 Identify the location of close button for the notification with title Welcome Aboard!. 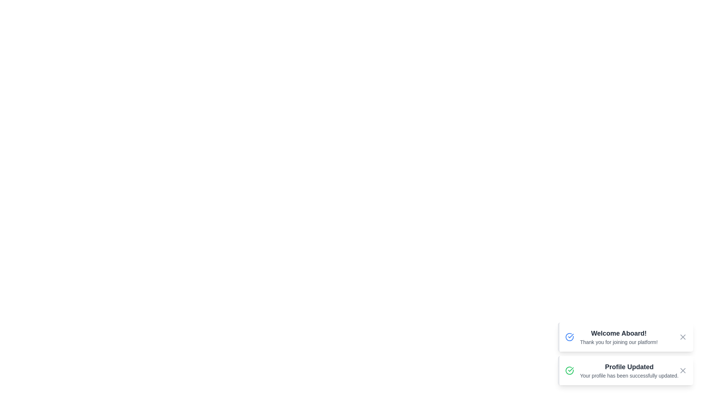
(682, 337).